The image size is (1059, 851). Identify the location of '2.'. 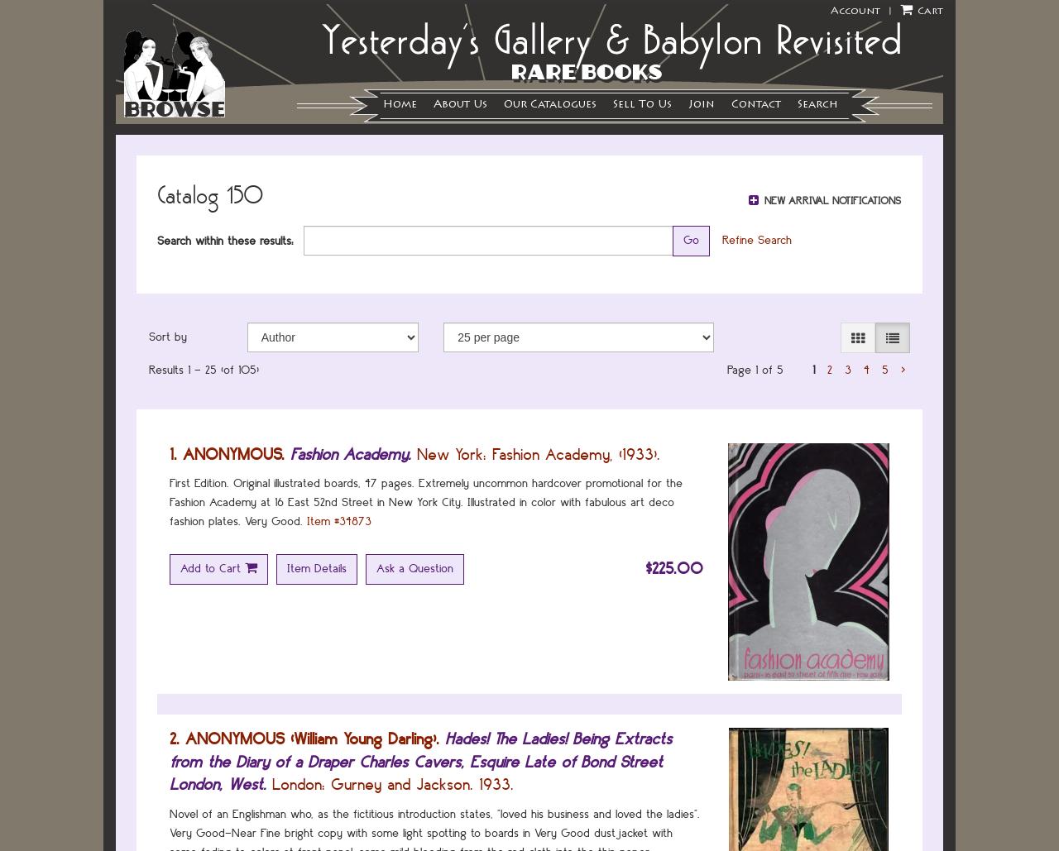
(170, 739).